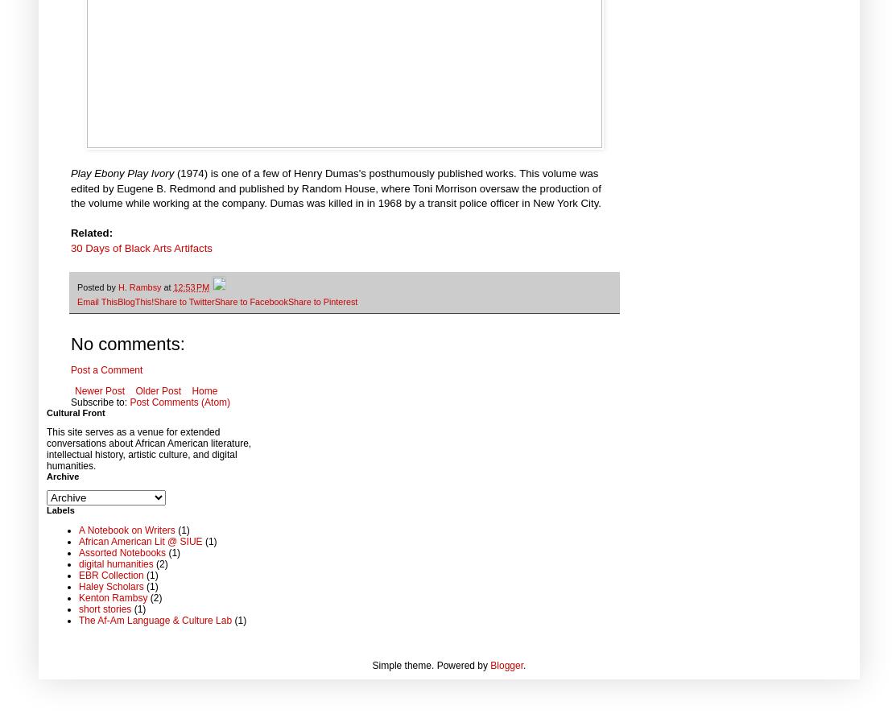  Describe the element at coordinates (75, 412) in the screenshot. I see `'Cultural Front'` at that location.